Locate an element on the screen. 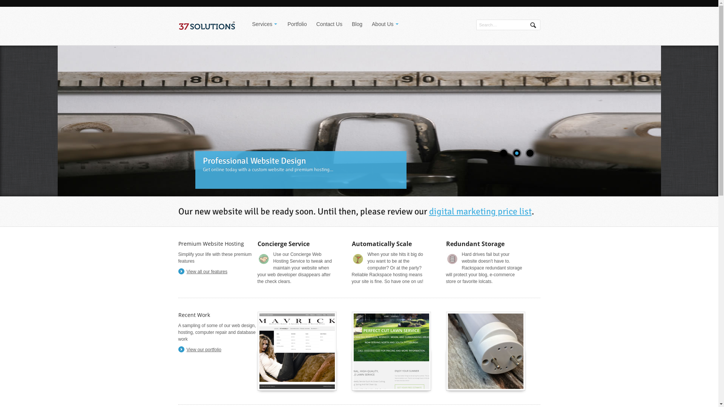 Image resolution: width=724 pixels, height=407 pixels. '1' is located at coordinates (503, 153).